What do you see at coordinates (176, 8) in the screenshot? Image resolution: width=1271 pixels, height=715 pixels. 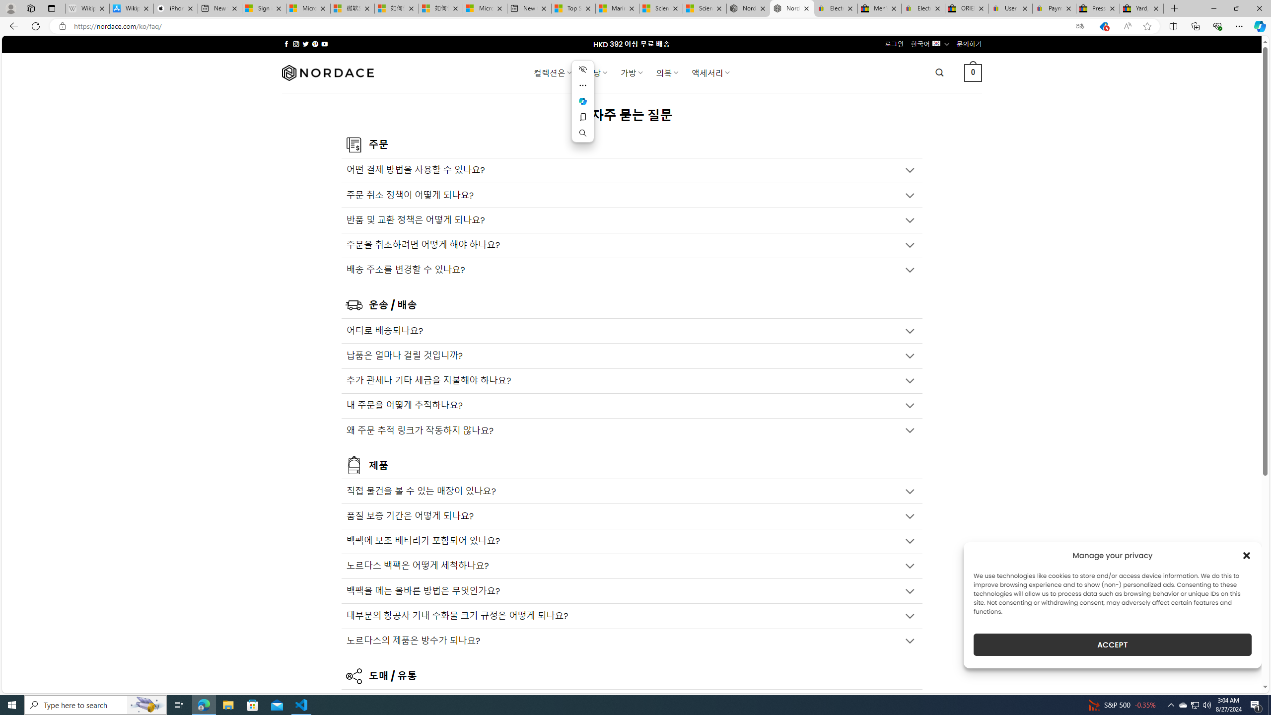 I see `'iPhone - Apple'` at bounding box center [176, 8].